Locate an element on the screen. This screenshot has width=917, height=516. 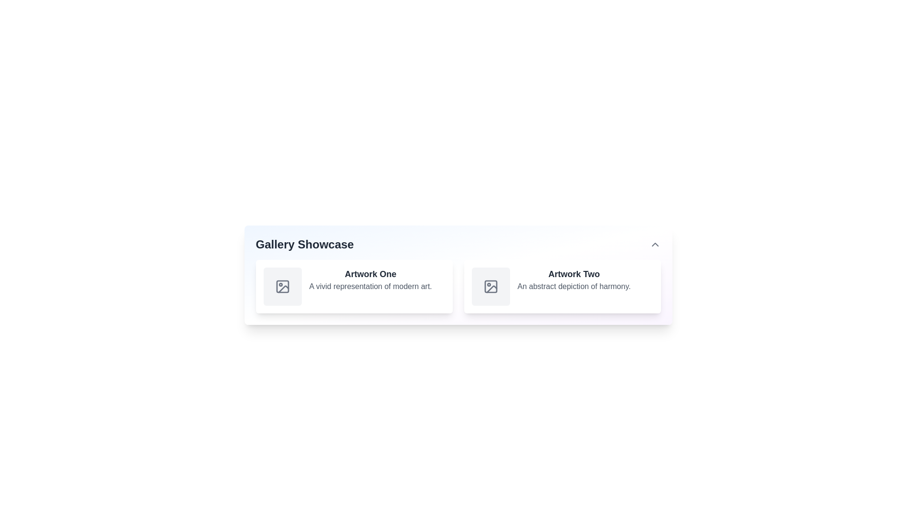
the 'Gallery Showcase' text label, which is styled in large, bold, dark gray font and is prominently displayed as a heading above a gallery layout is located at coordinates (304, 244).